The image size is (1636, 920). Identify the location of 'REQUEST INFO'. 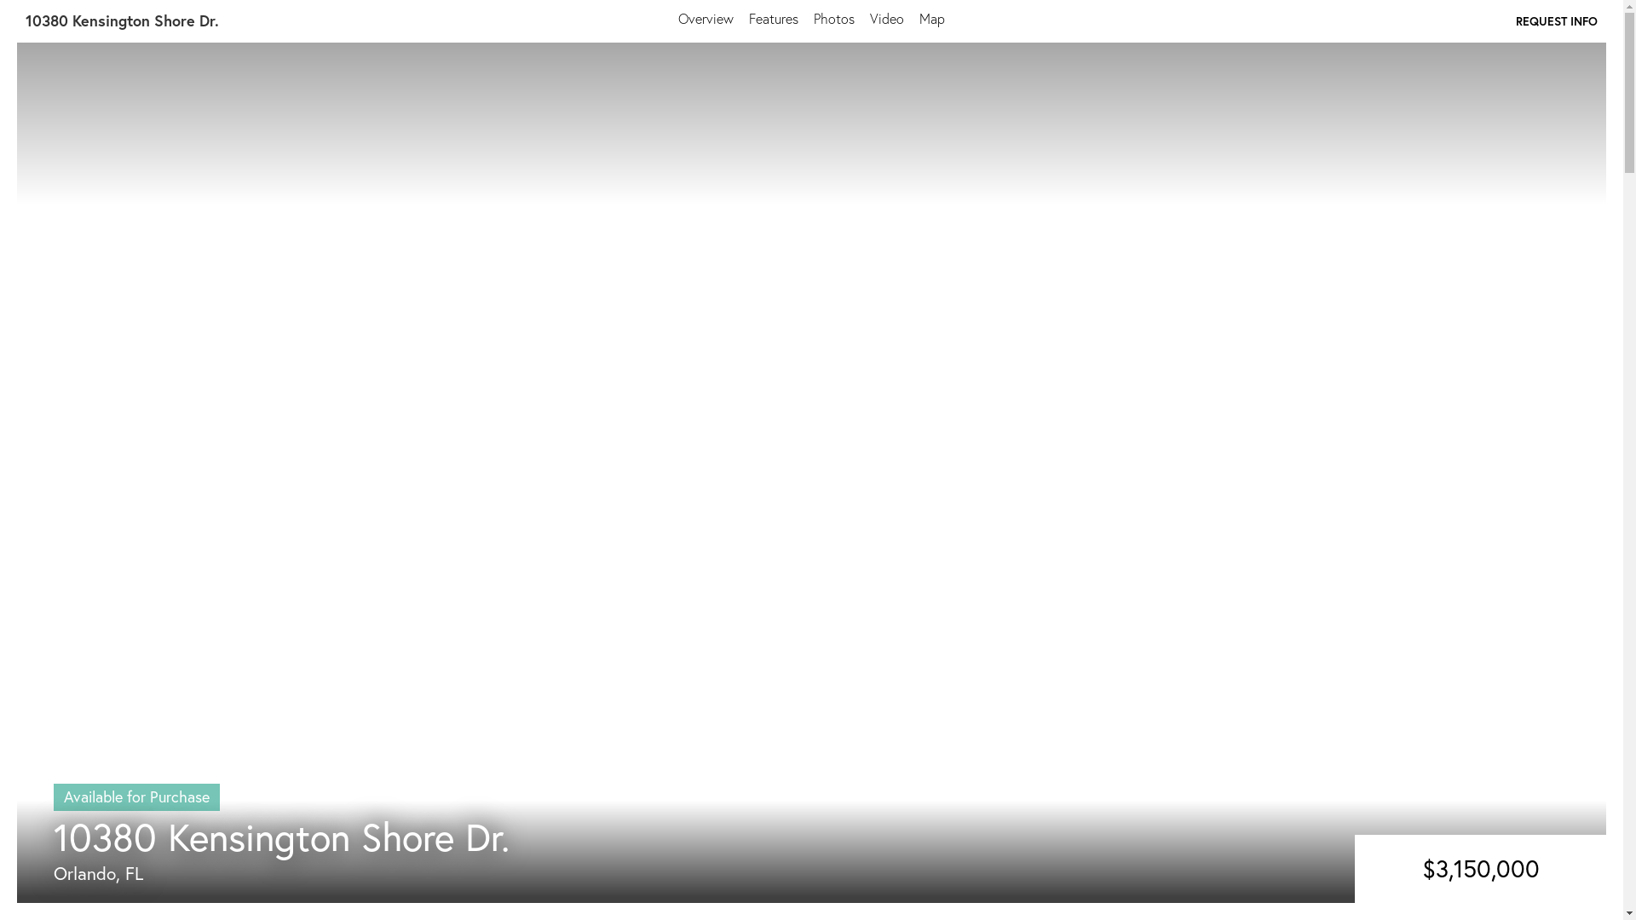
(1557, 20).